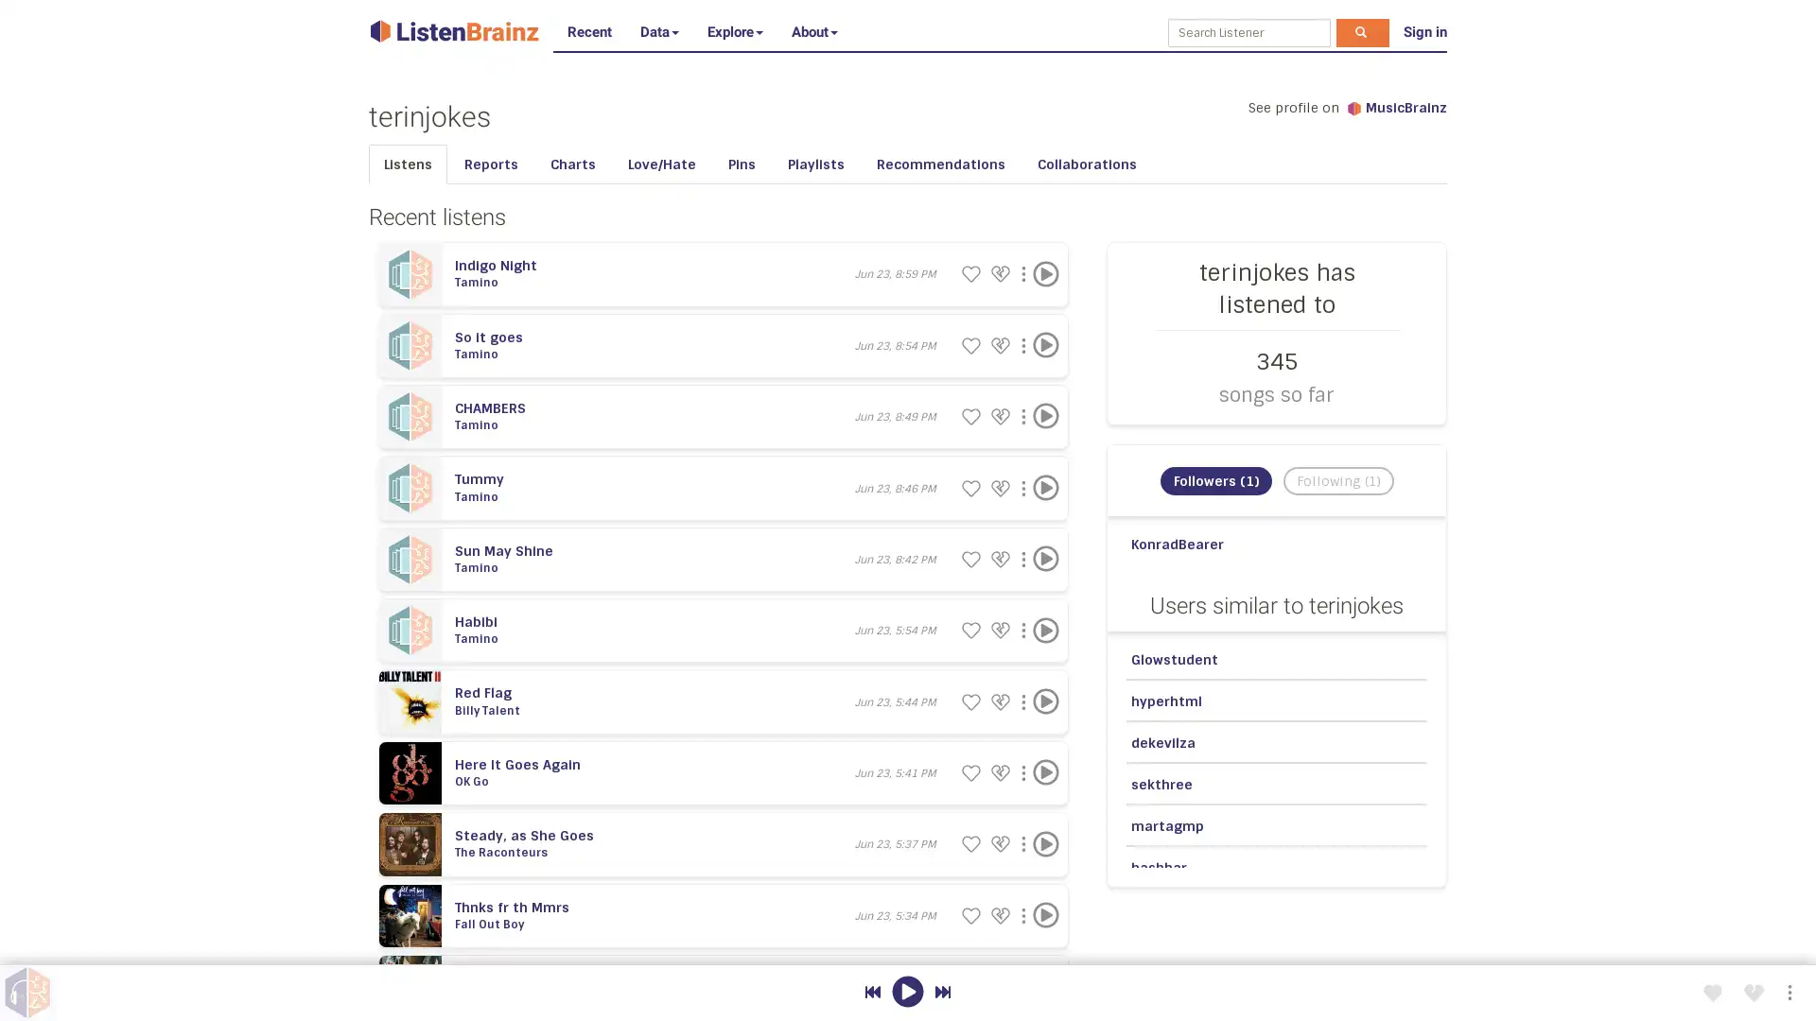 Image resolution: width=1816 pixels, height=1021 pixels. I want to click on Play, so click(1044, 273).